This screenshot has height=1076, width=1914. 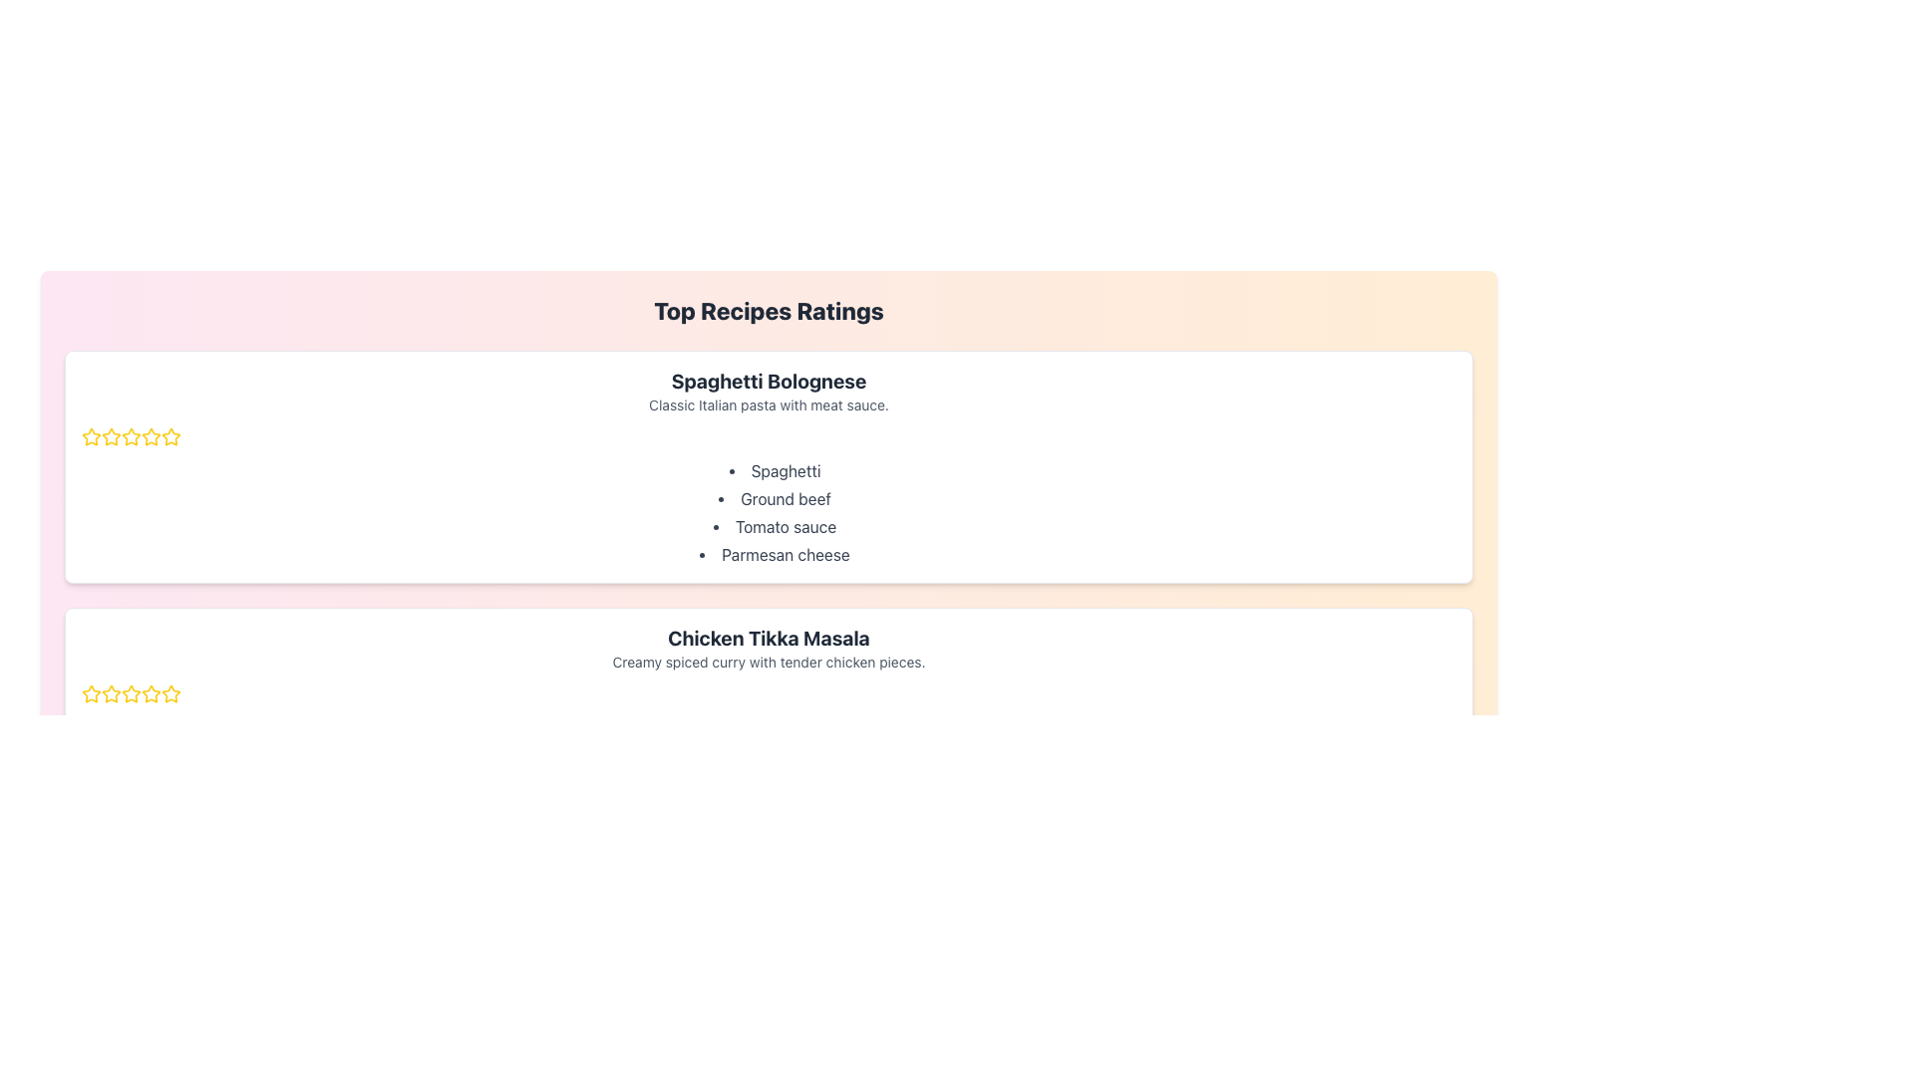 What do you see at coordinates (171, 693) in the screenshot?
I see `the fifth yellow star icon in the rating system under the 'Chicken Tikka Masala' section to set the rating to five` at bounding box center [171, 693].